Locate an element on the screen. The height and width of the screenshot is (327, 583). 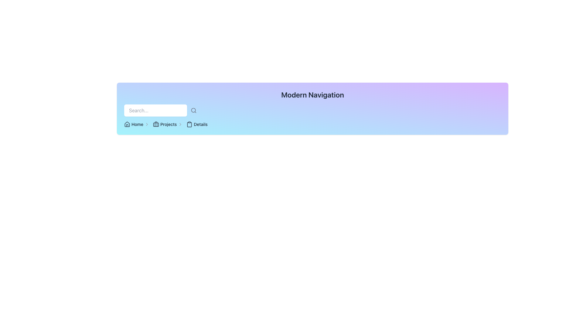
the visual representation of the briefcase icon that symbolizes the 'Projects' section in the breadcrumb navigation bar, located to the left of the 'Projects' text label is located at coordinates (156, 124).